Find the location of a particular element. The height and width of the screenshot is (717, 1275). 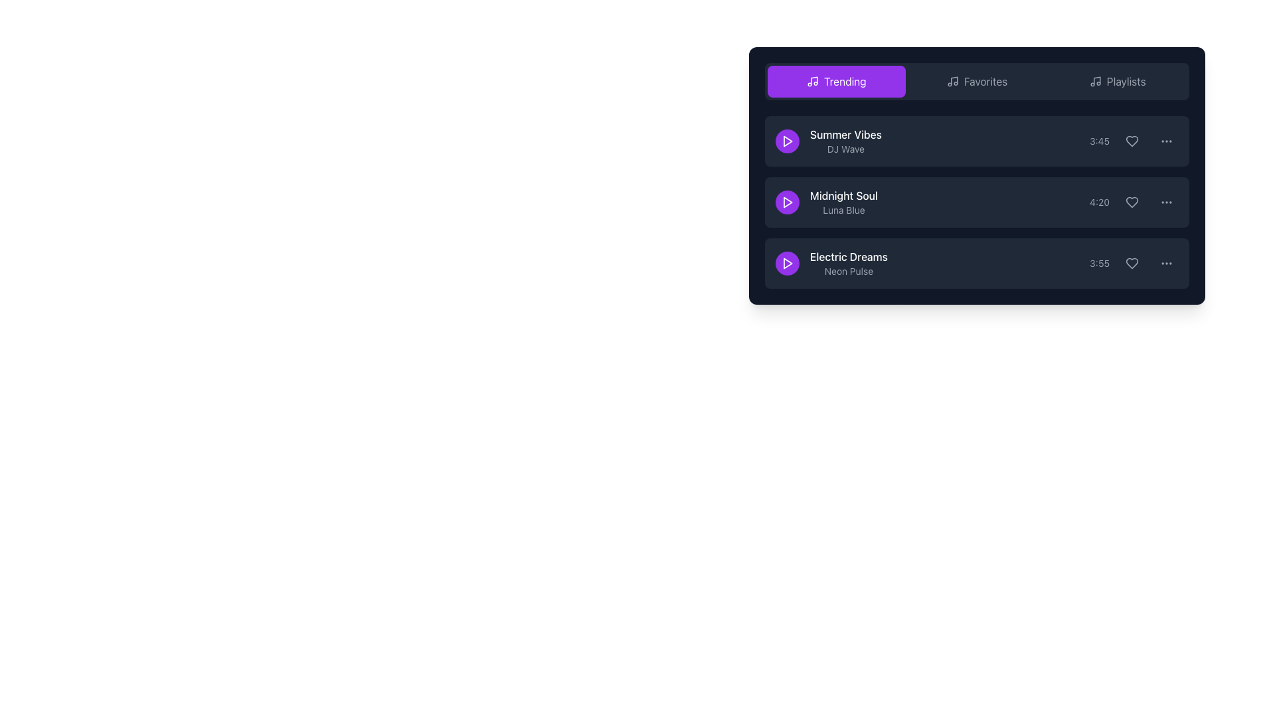

the text label displaying 'DJ Wave' in small gray font, which is positioned below 'Summer Vibes' and aligned with the play button icon is located at coordinates (845, 149).